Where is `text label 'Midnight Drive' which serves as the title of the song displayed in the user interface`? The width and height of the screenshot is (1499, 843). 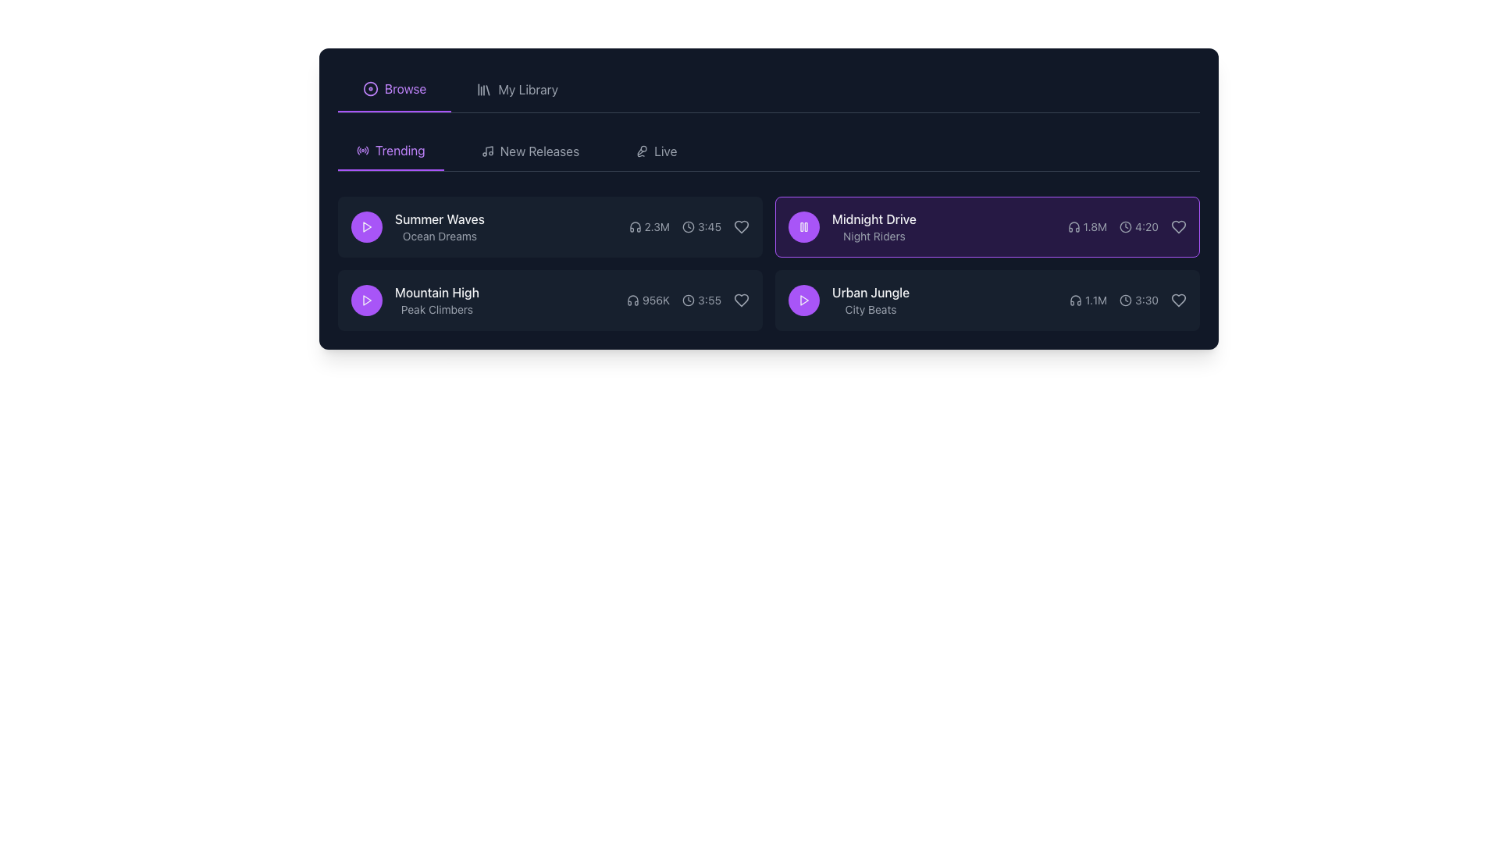
text label 'Midnight Drive' which serves as the title of the song displayed in the user interface is located at coordinates (873, 219).